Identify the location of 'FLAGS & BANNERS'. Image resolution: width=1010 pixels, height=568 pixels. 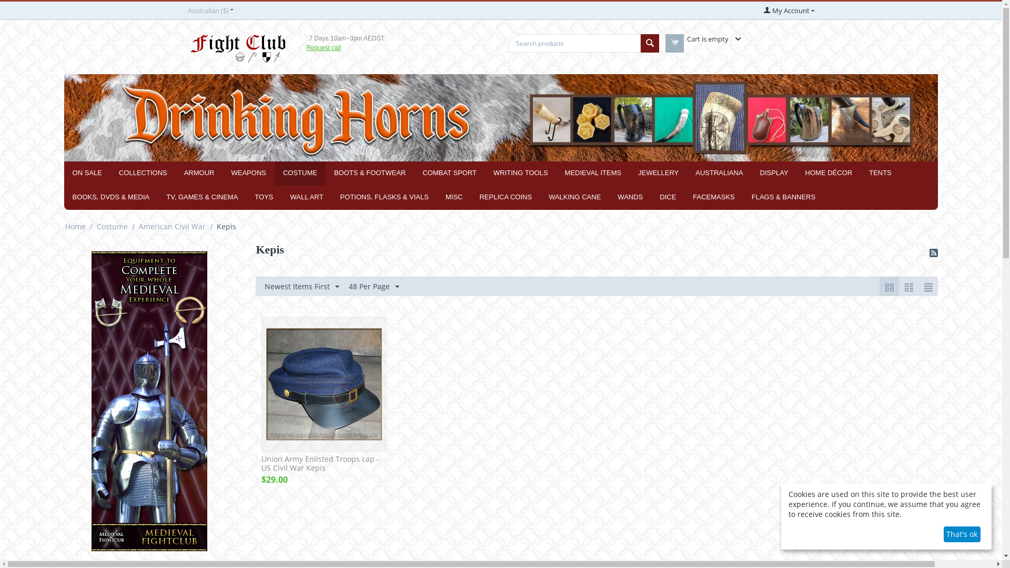
(783, 197).